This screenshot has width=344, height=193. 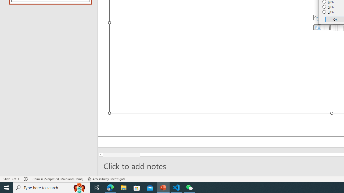 I want to click on 'Microsoft Edge - 1 running window', so click(x=110, y=187).